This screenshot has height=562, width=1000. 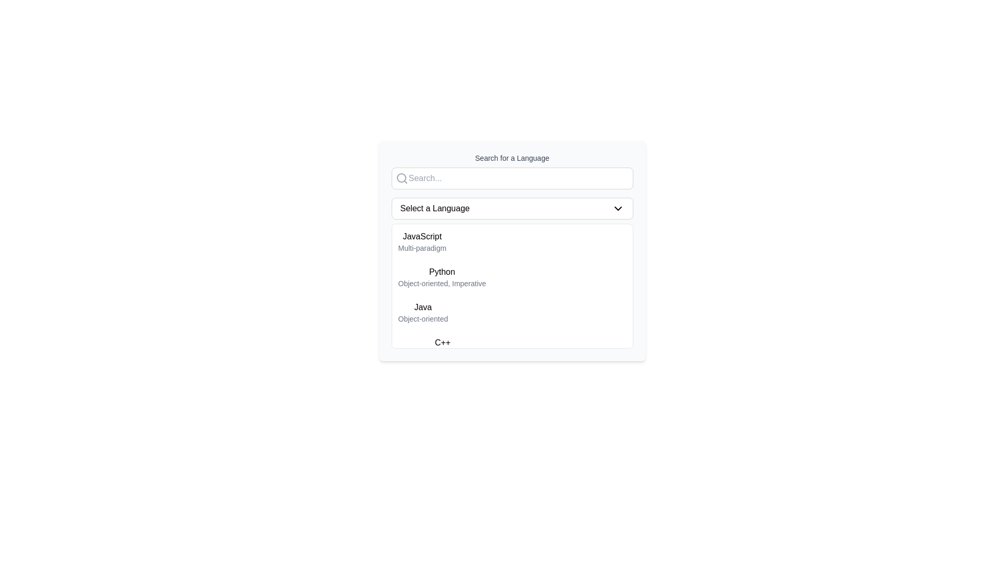 What do you see at coordinates (422, 312) in the screenshot?
I see `to select the 'Java' programming language from the dropdown list, which is positioned between 'Python' and 'C++'` at bounding box center [422, 312].